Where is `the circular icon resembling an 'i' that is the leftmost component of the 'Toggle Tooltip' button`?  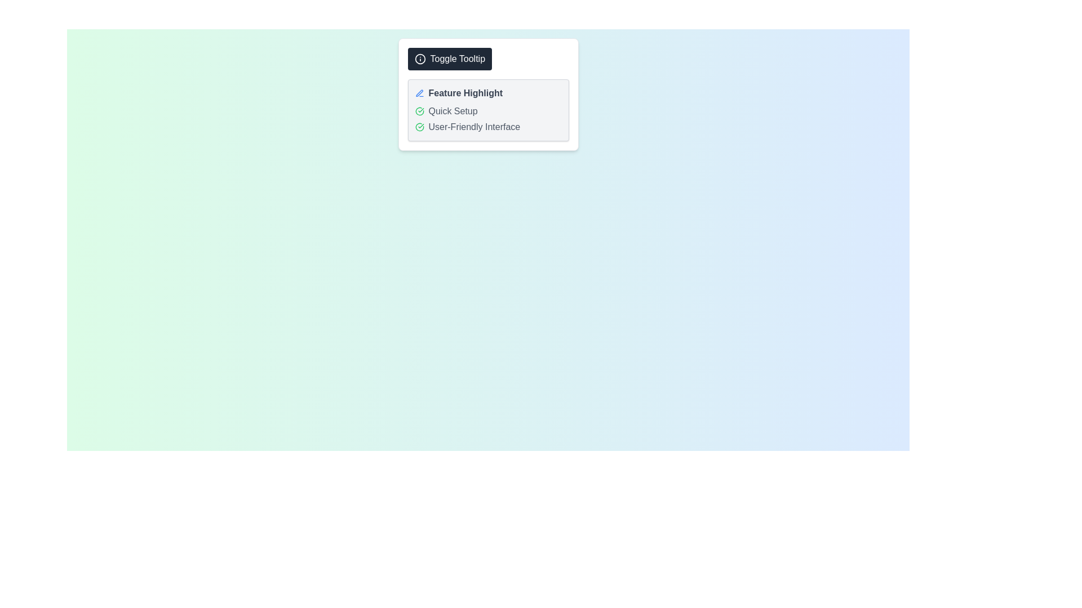
the circular icon resembling an 'i' that is the leftmost component of the 'Toggle Tooltip' button is located at coordinates (419, 59).